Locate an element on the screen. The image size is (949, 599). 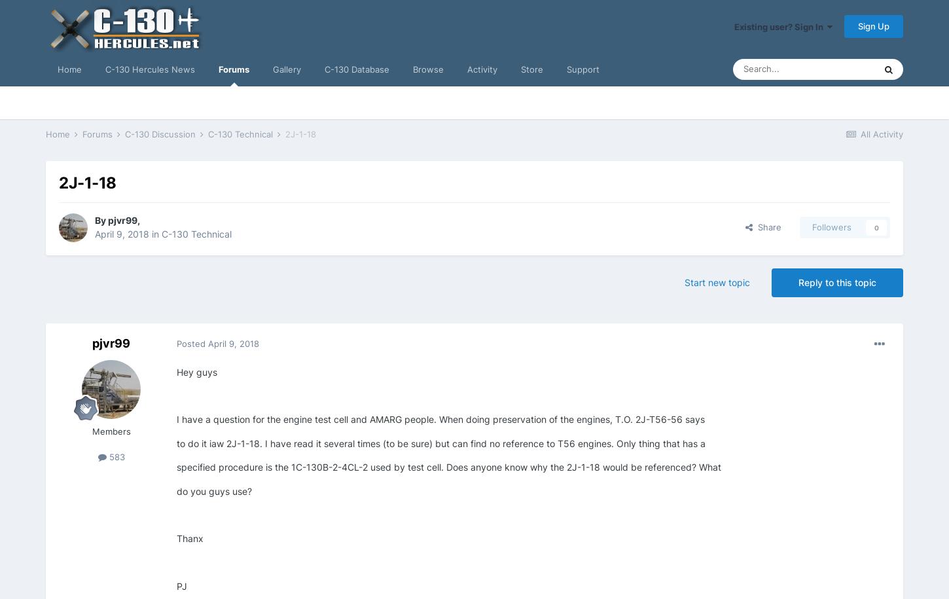
'Support' is located at coordinates (582, 69).